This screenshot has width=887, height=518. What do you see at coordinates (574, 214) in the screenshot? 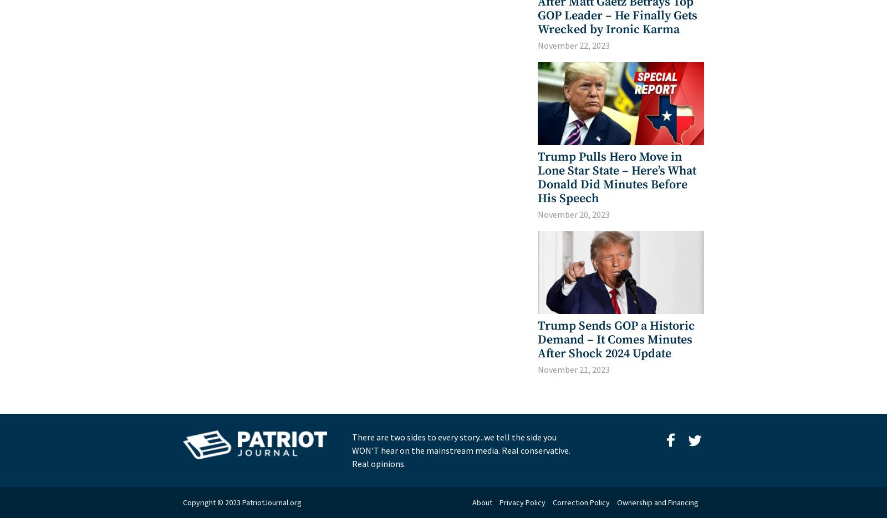
I see `'November 20, 2023'` at bounding box center [574, 214].